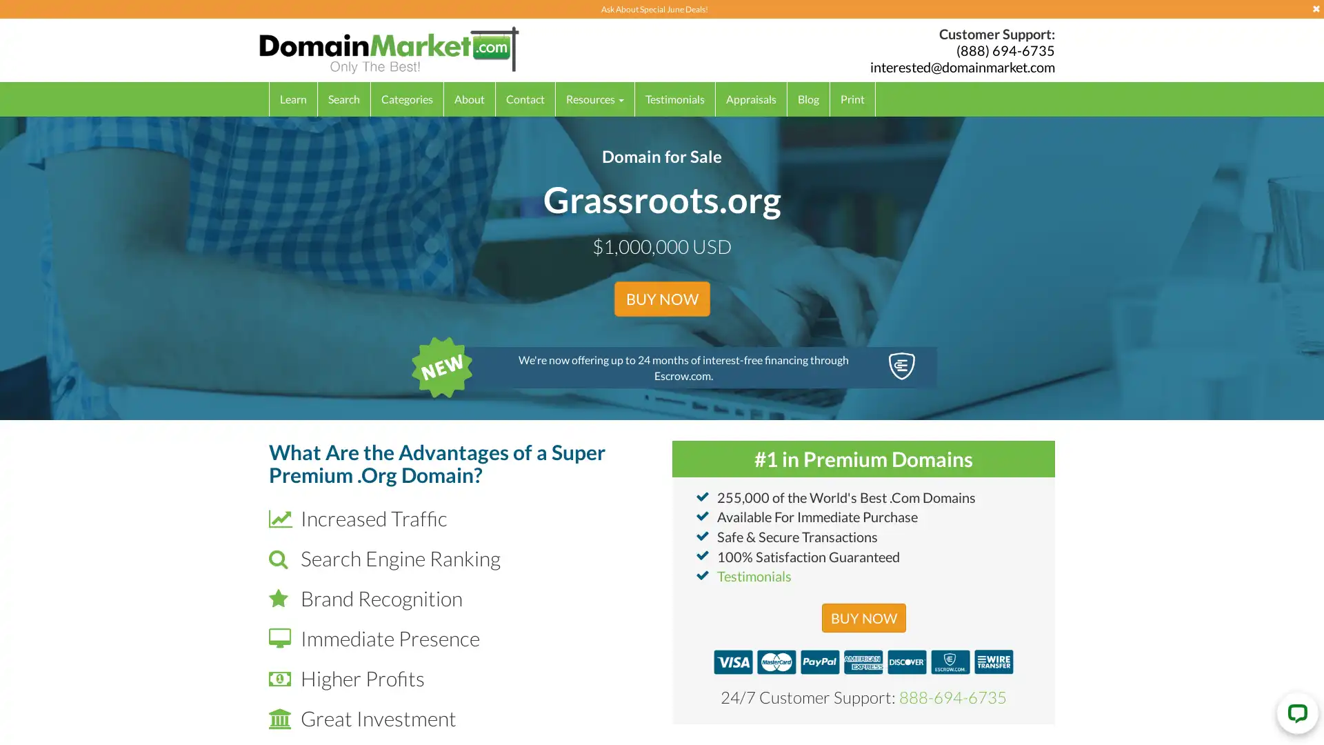 This screenshot has width=1324, height=745. What do you see at coordinates (595, 98) in the screenshot?
I see `Resources` at bounding box center [595, 98].